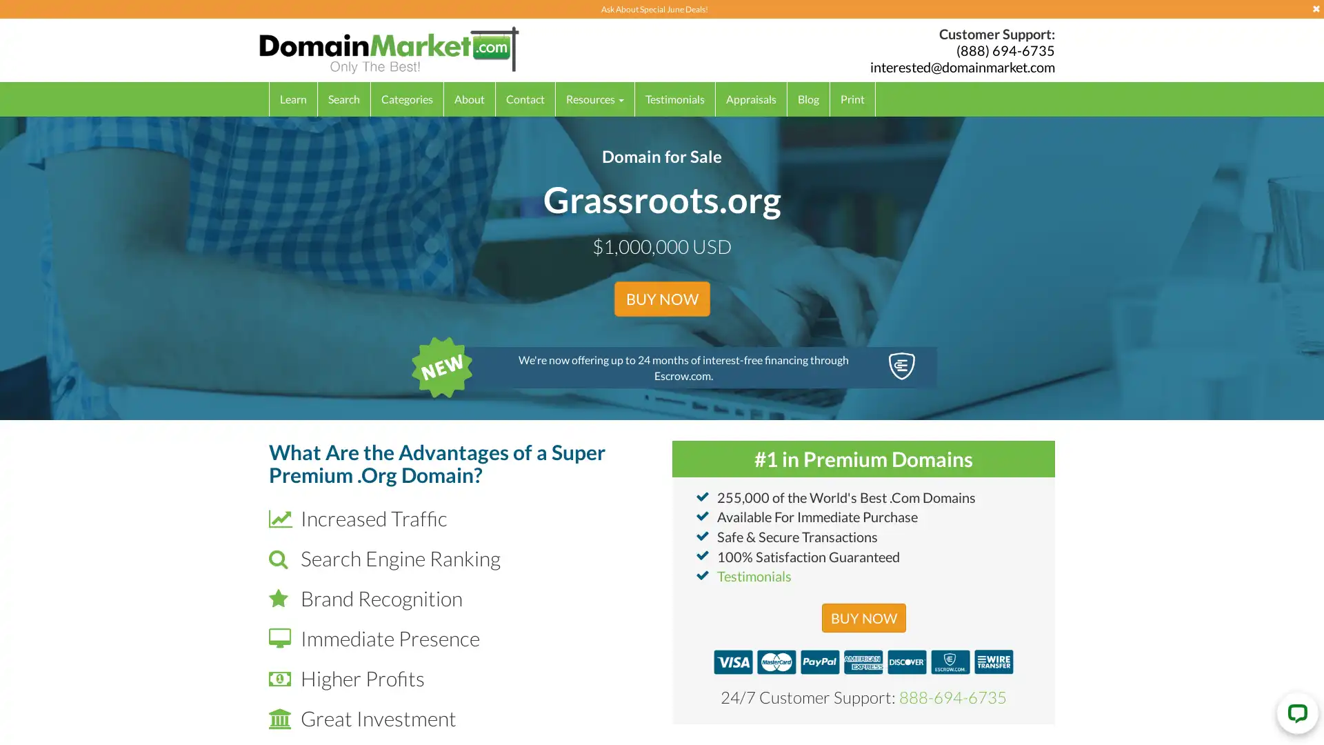 This screenshot has width=1324, height=745. What do you see at coordinates (595, 98) in the screenshot?
I see `Resources` at bounding box center [595, 98].